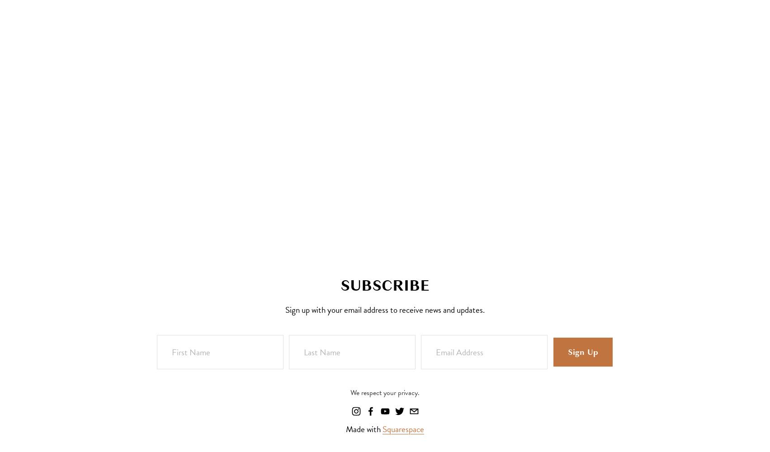 The width and height of the screenshot is (770, 452). I want to click on 'Kori Green', so click(384, 189).